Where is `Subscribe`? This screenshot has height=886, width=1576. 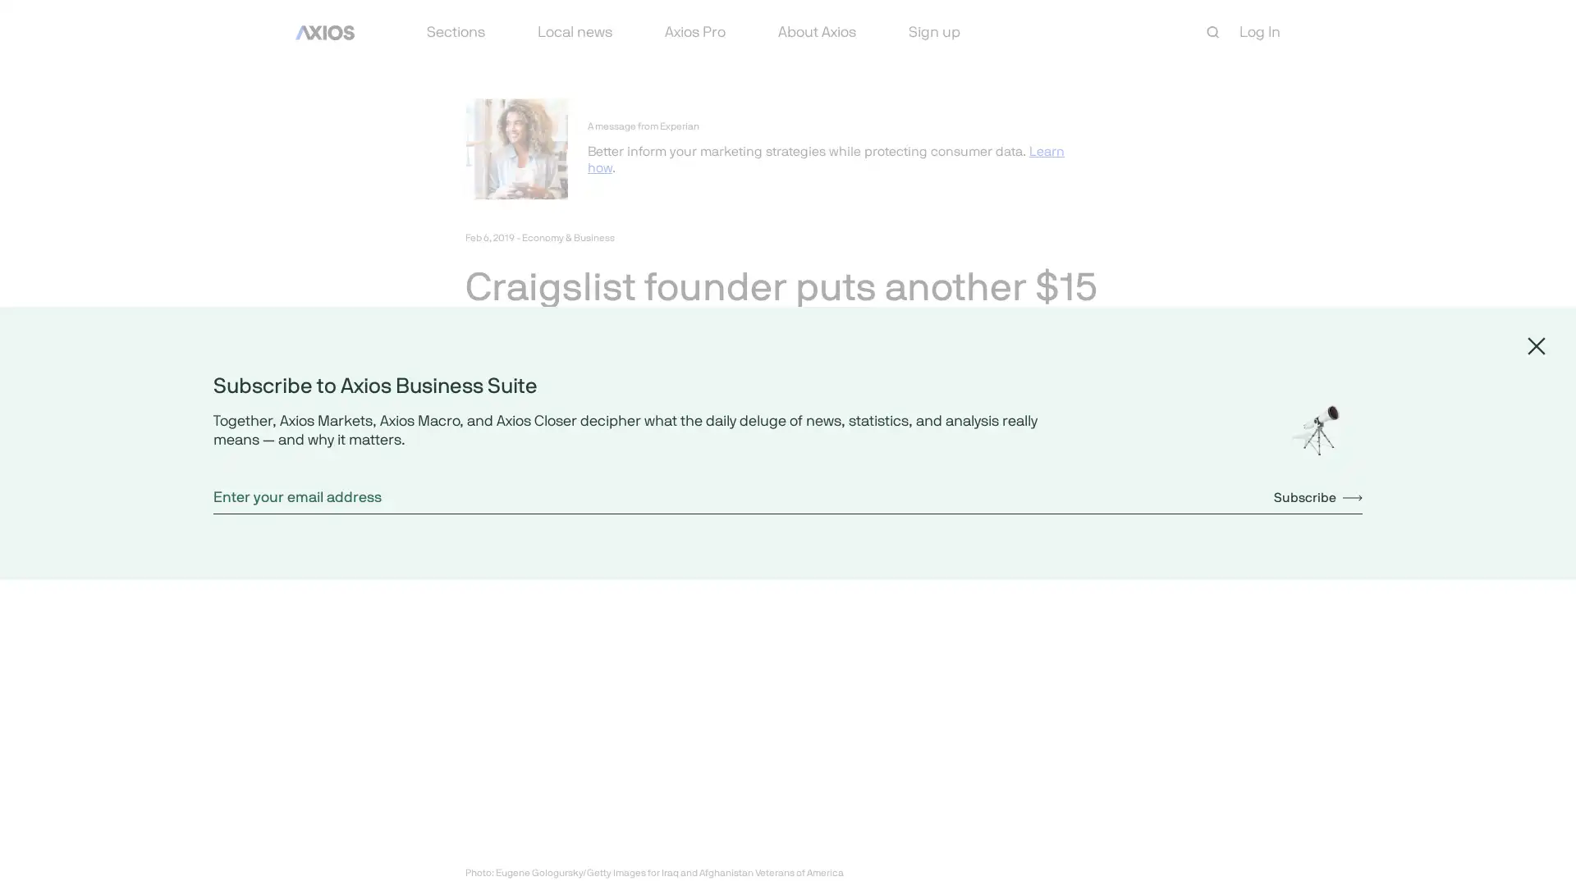
Subscribe is located at coordinates (1318, 496).